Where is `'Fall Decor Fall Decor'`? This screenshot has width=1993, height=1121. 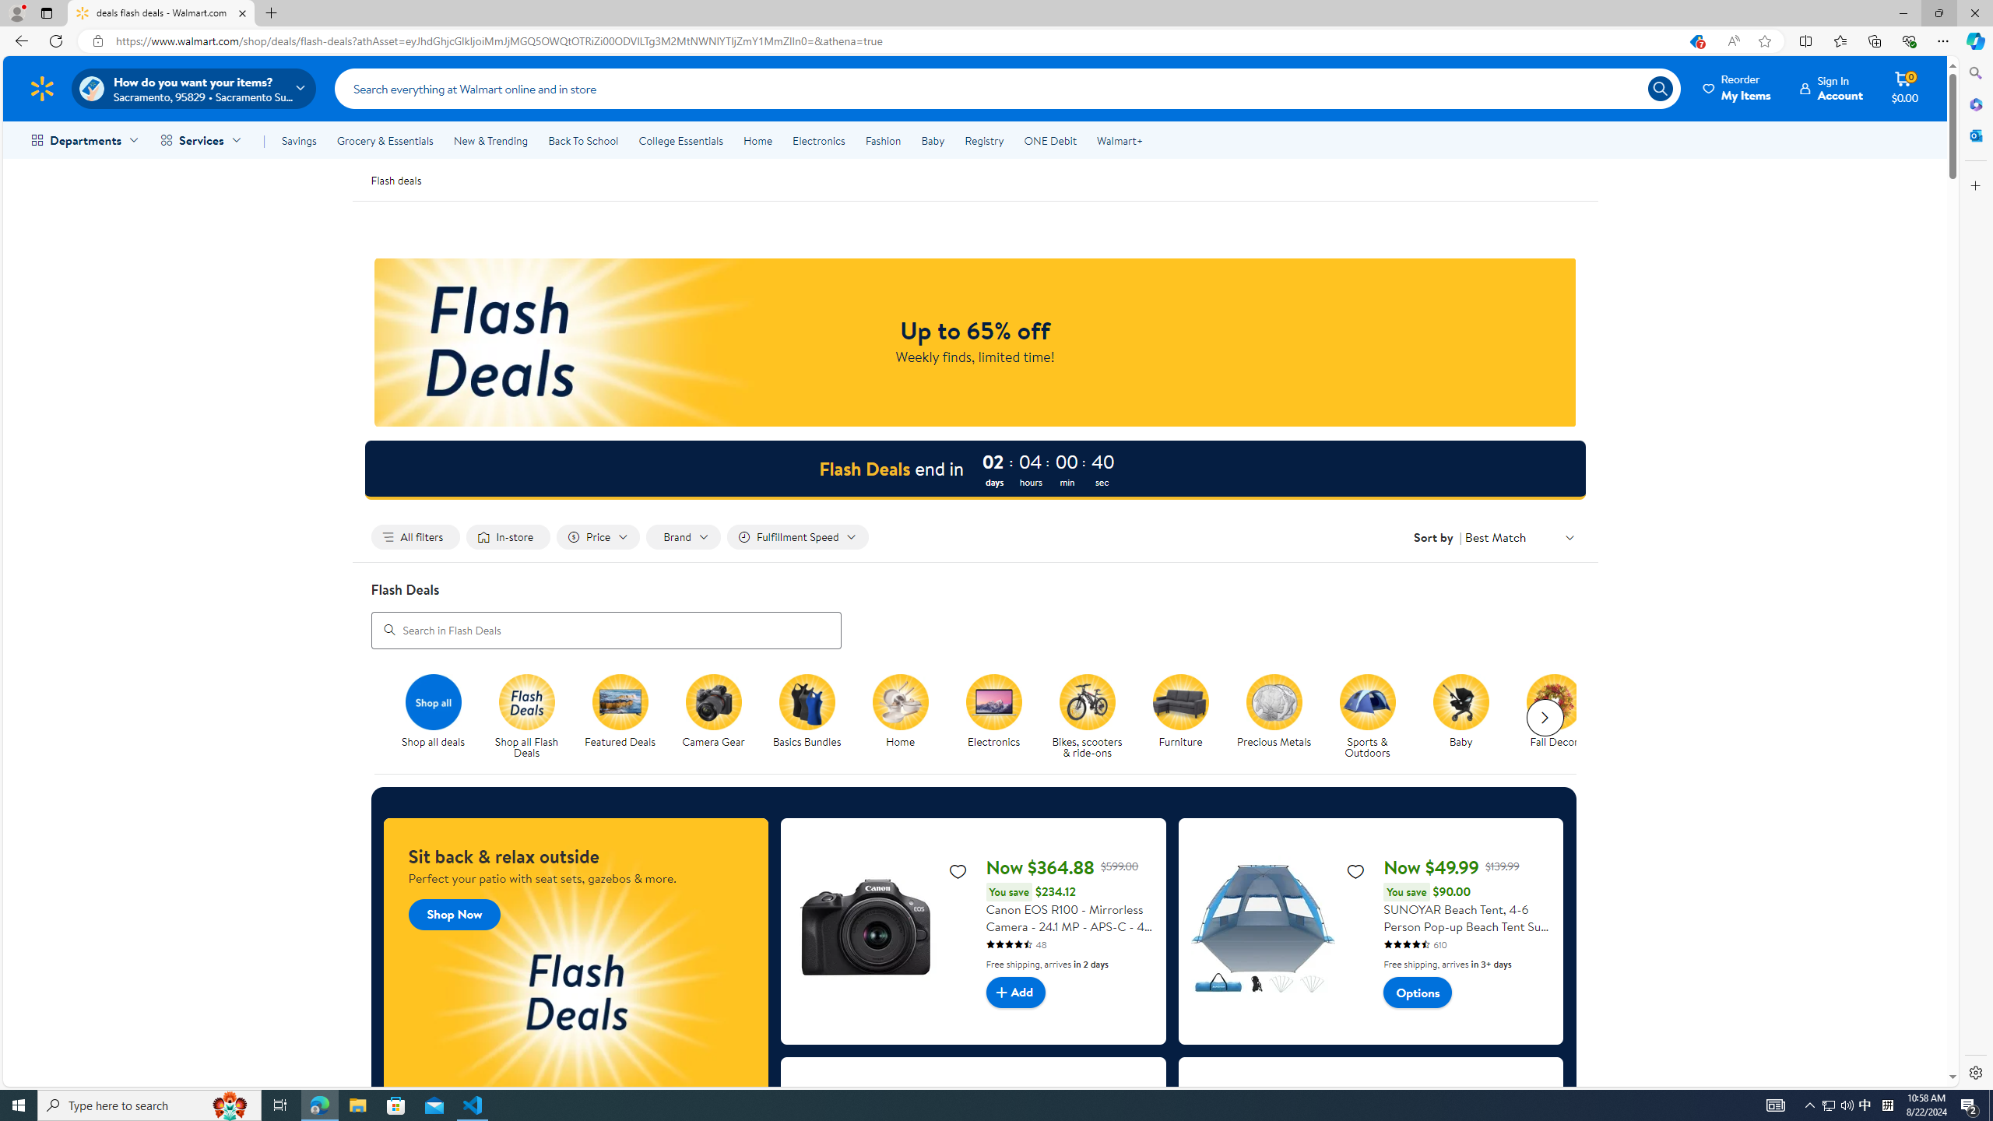
'Fall Decor Fall Decor' is located at coordinates (1552, 712).